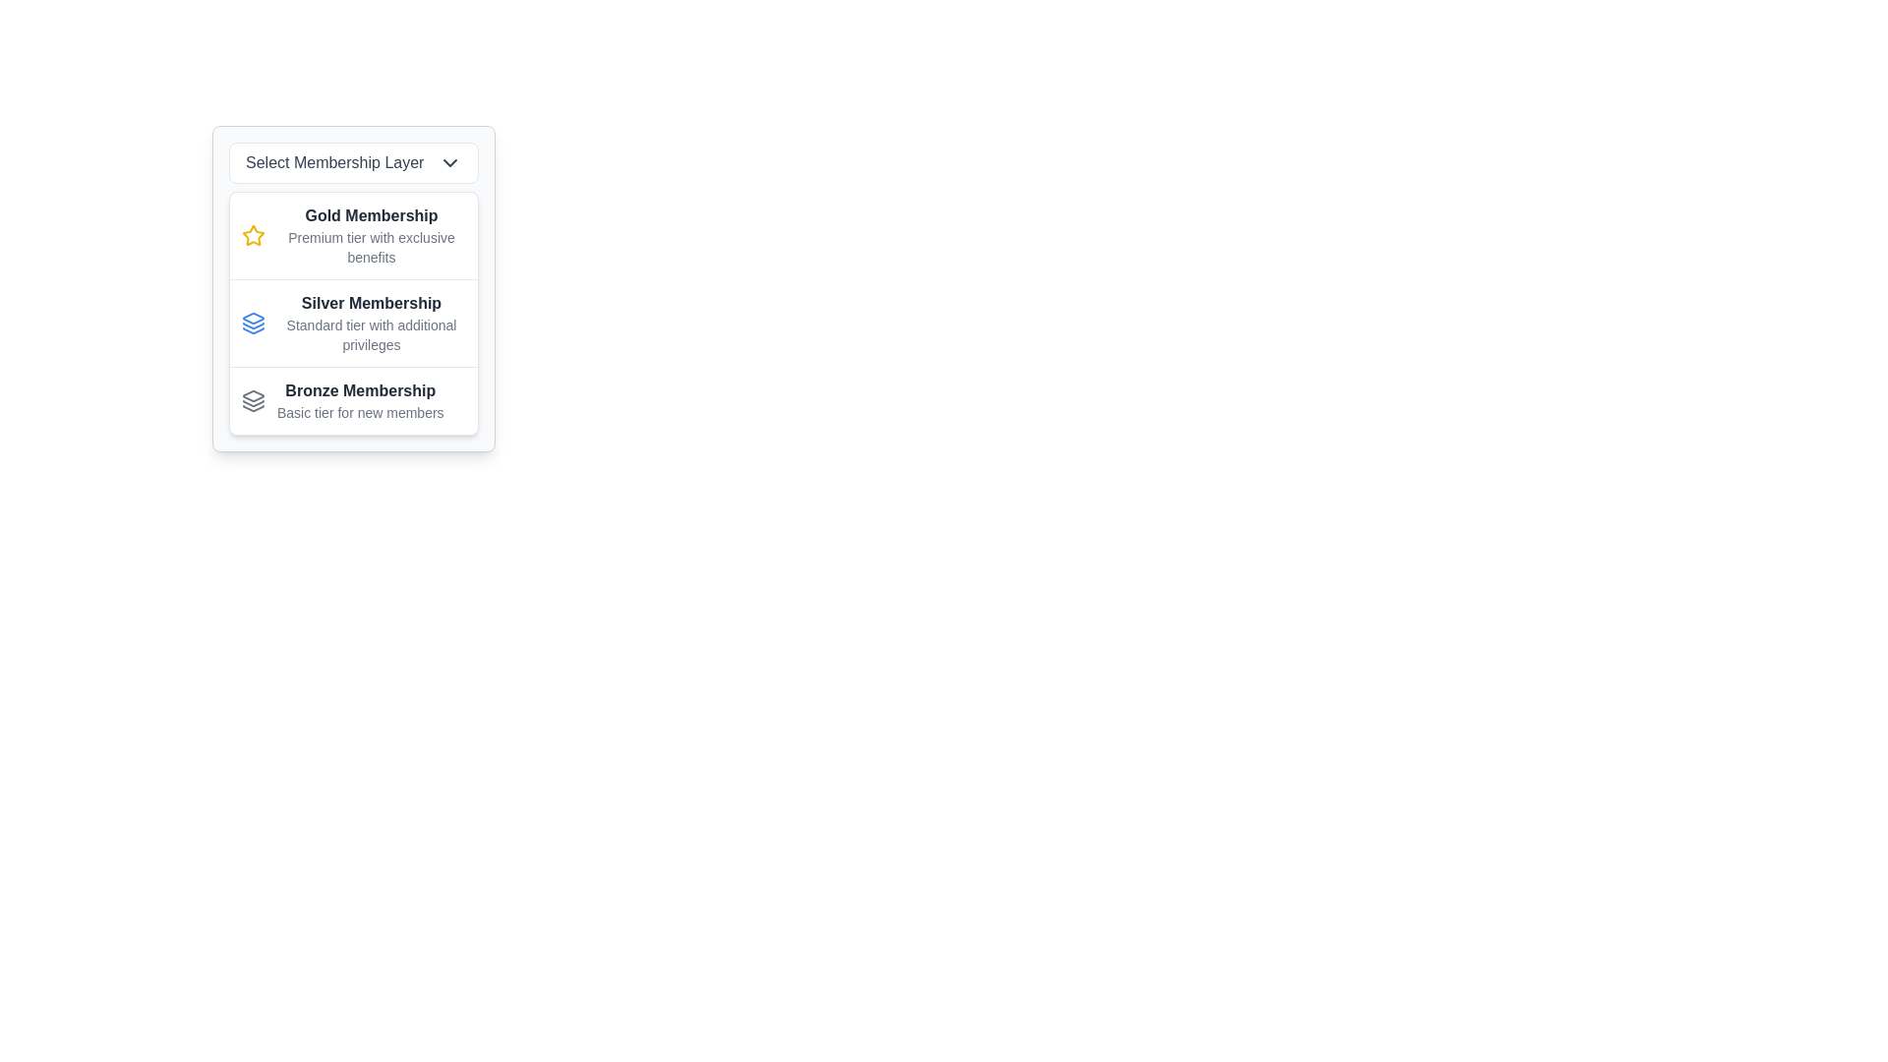 The width and height of the screenshot is (1888, 1062). I want to click on the descriptive text label that provides information about the 'Silver Membership' option, located directly below the 'Silver Membership' title, so click(372, 333).